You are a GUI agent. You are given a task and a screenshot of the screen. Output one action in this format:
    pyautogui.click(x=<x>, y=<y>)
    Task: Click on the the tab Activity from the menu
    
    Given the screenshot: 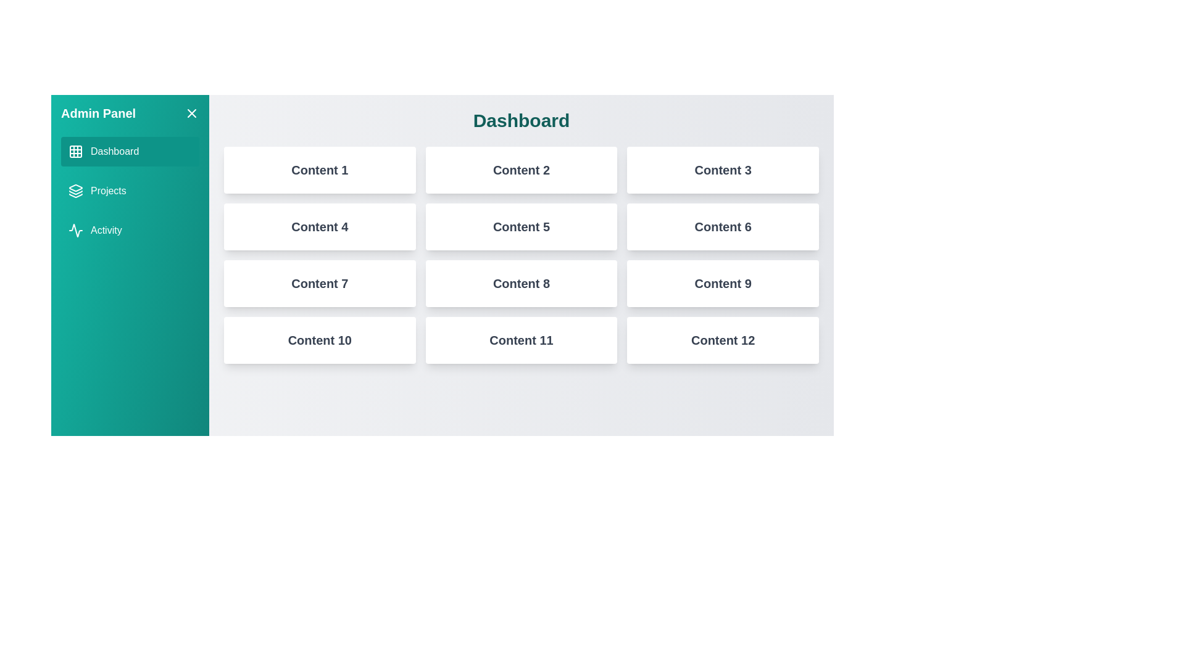 What is the action you would take?
    pyautogui.click(x=130, y=231)
    